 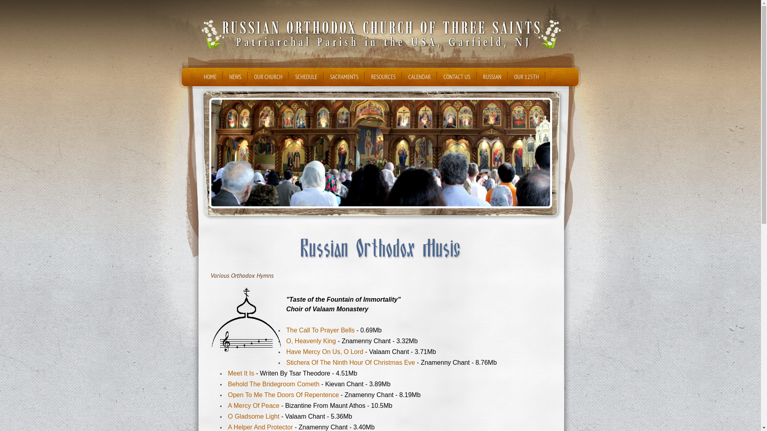 What do you see at coordinates (260, 427) in the screenshot?
I see `'A Helper And Protector'` at bounding box center [260, 427].